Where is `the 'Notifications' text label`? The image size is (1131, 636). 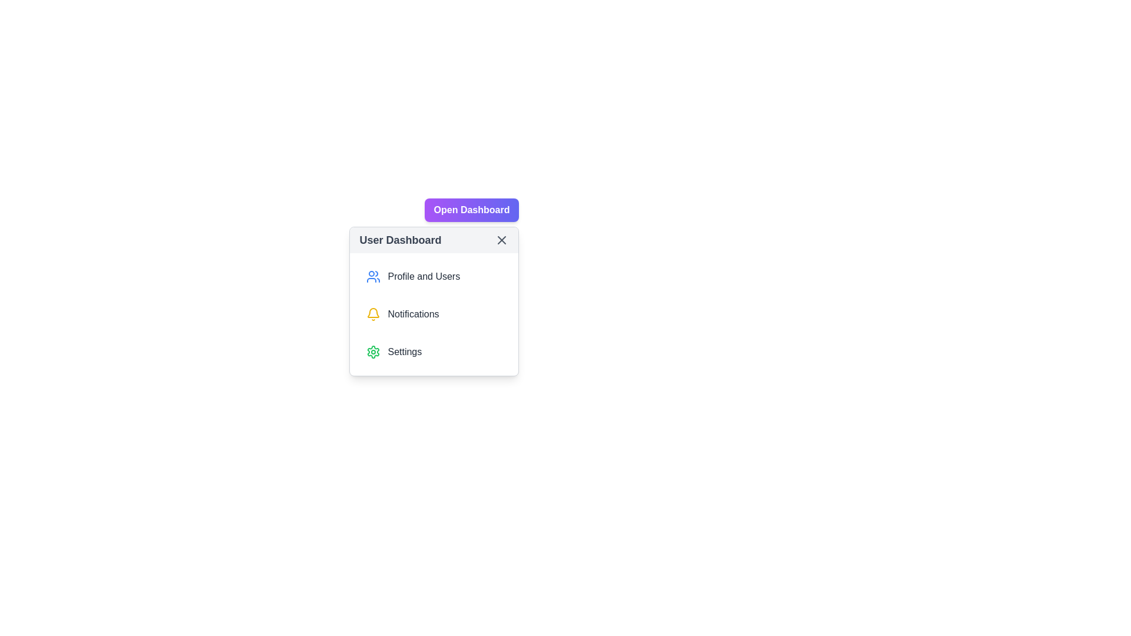 the 'Notifications' text label is located at coordinates (413, 313).